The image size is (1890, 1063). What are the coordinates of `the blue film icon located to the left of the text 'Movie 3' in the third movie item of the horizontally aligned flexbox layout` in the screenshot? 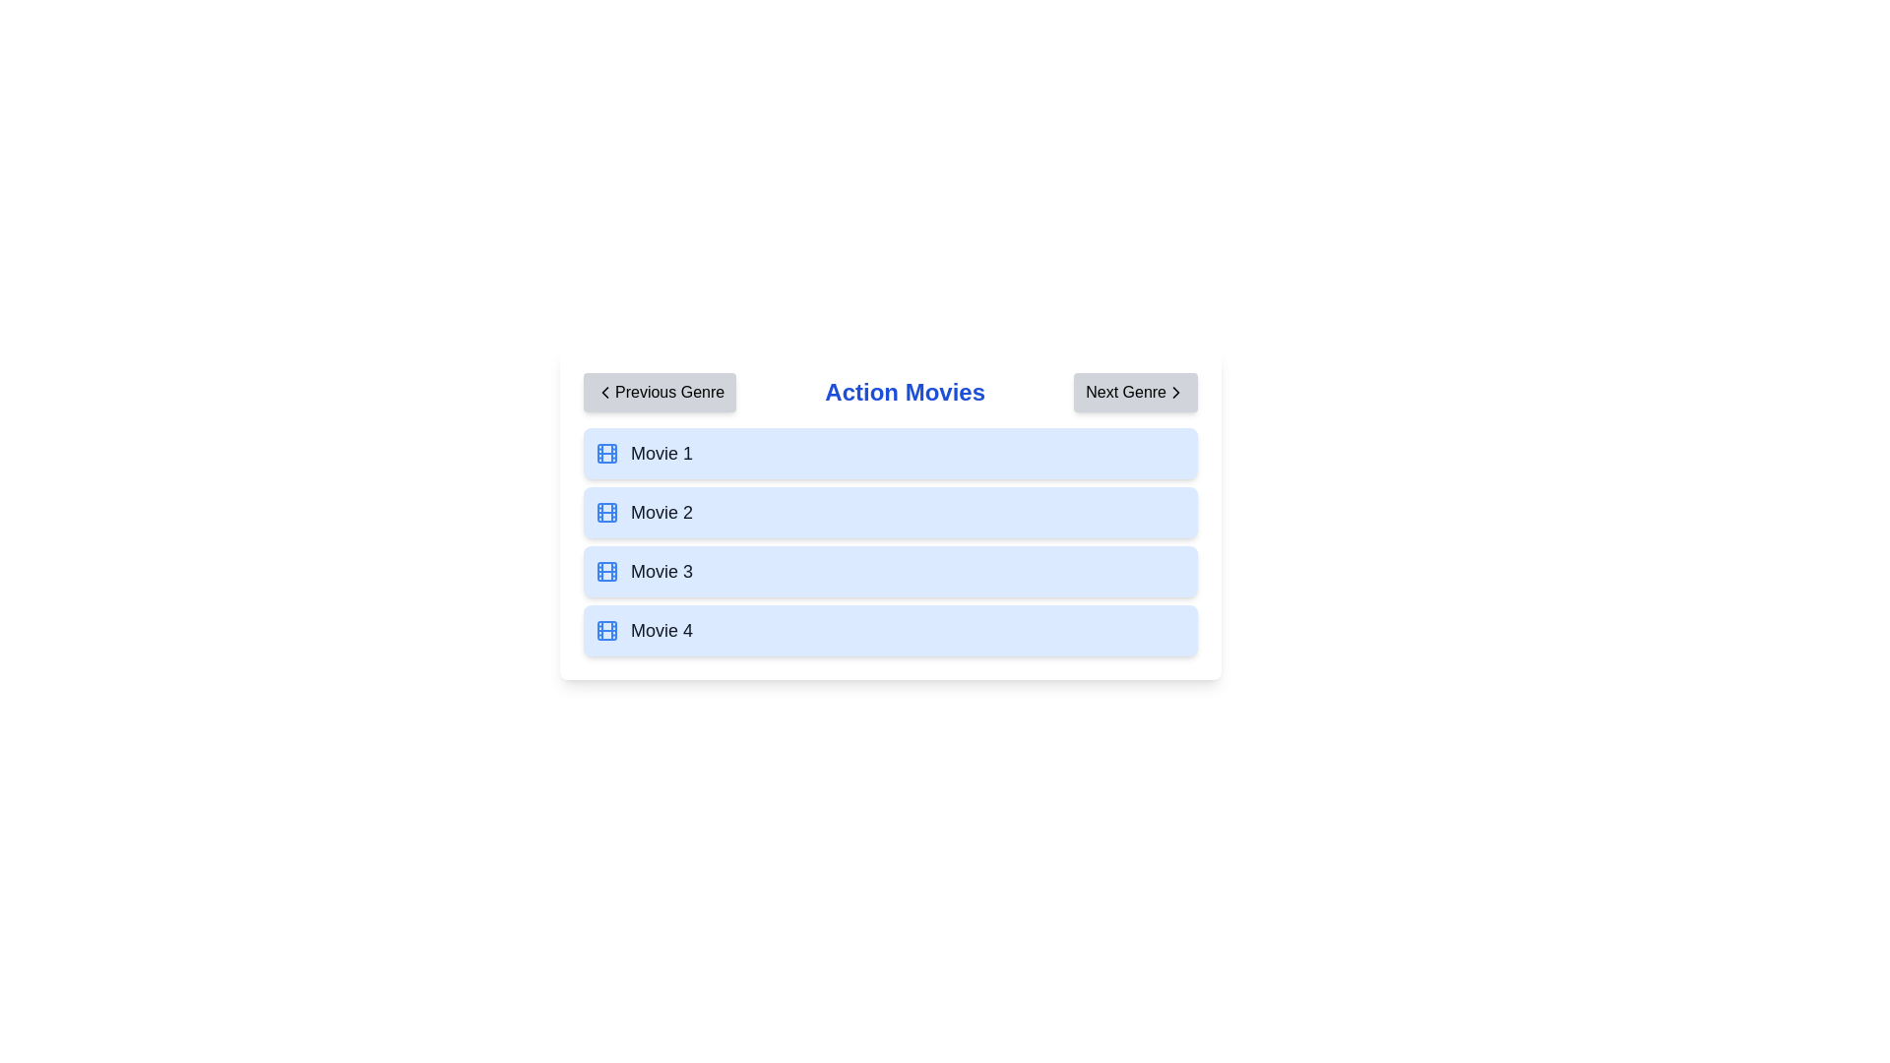 It's located at (606, 572).